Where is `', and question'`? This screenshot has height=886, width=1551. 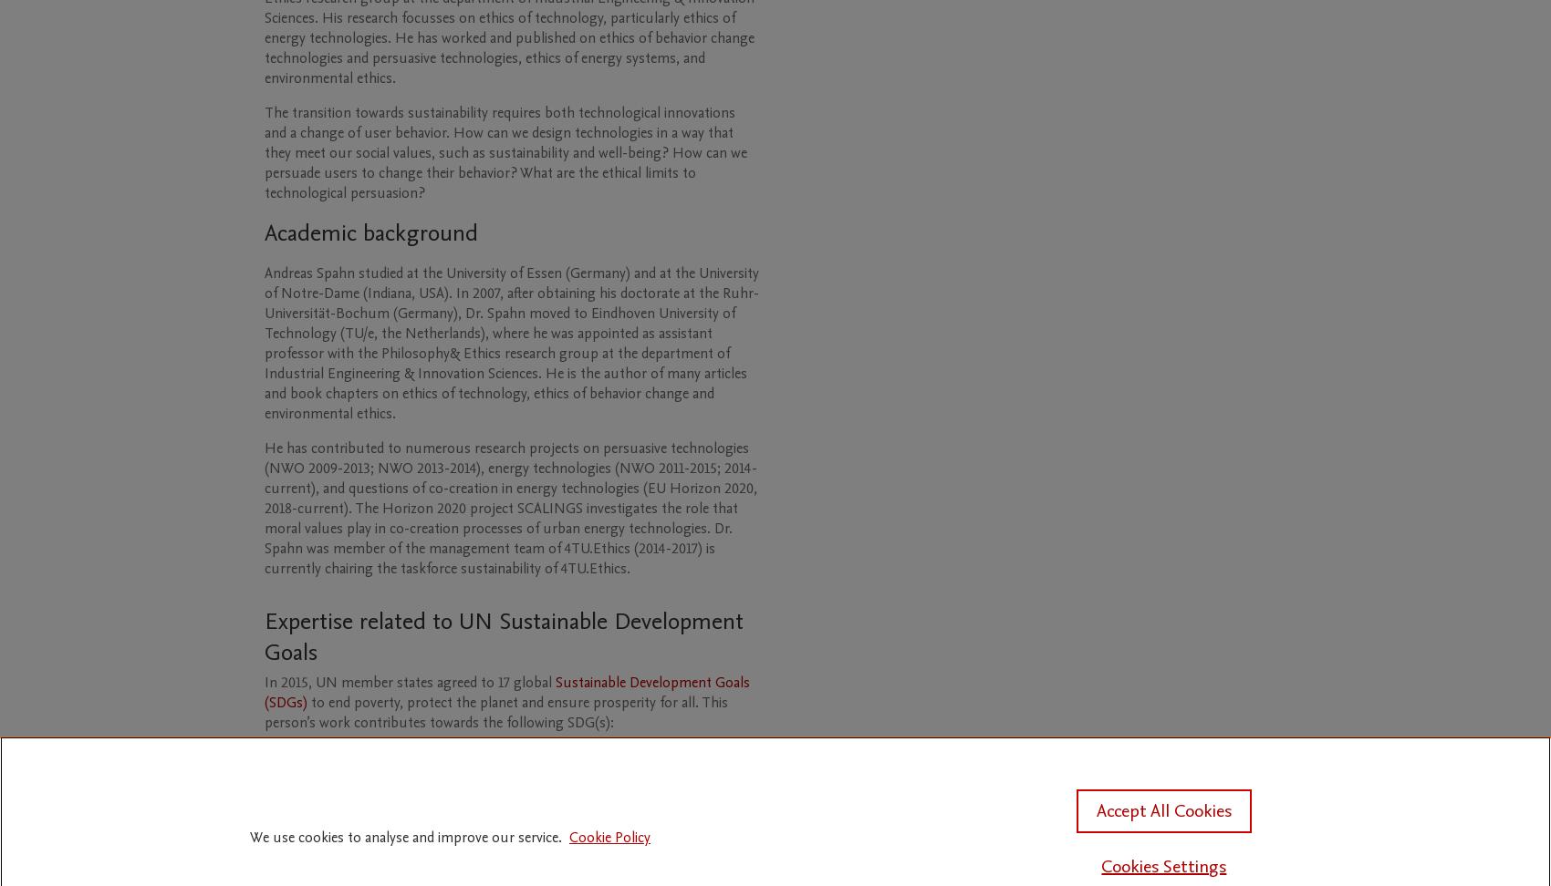
', and question' is located at coordinates (314, 487).